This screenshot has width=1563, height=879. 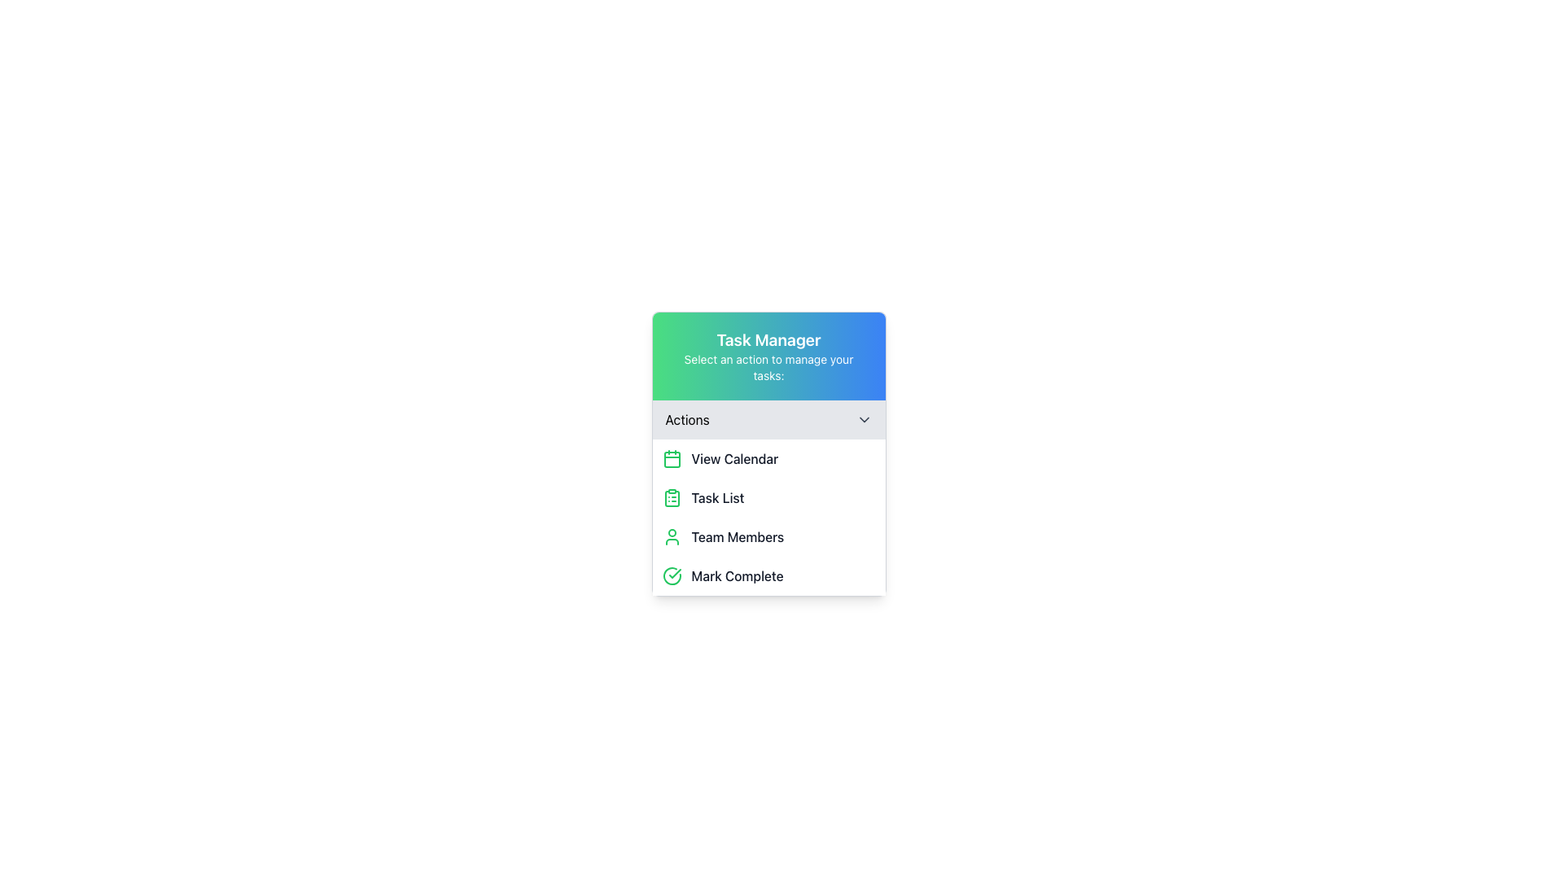 I want to click on the second item in the 'Task Manager' navigation menu, which allows users, so click(x=768, y=497).